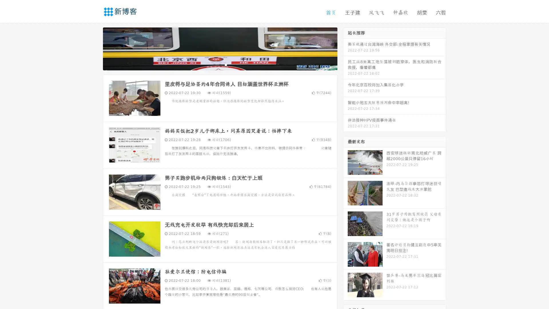  What do you see at coordinates (226, 64) in the screenshot?
I see `Go to slide 3` at bounding box center [226, 64].